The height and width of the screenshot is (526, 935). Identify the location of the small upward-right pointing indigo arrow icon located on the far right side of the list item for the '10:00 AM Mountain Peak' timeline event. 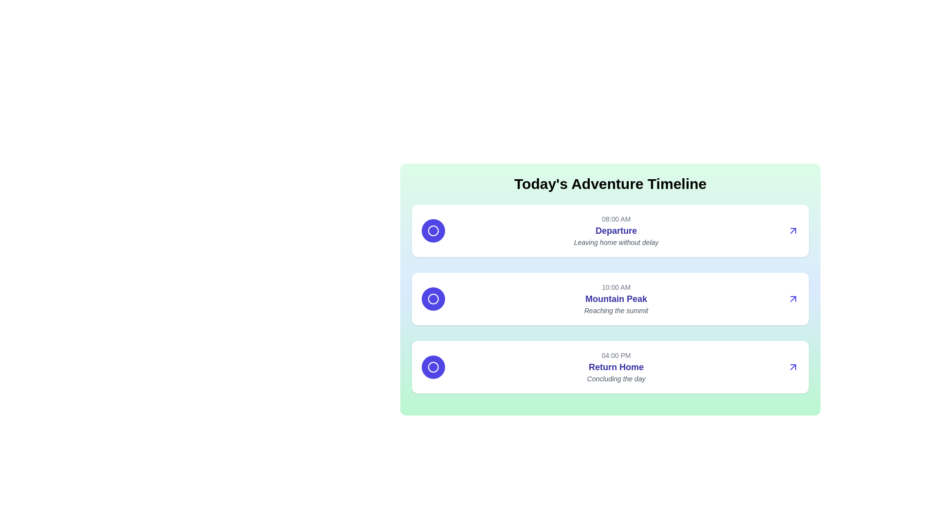
(793, 298).